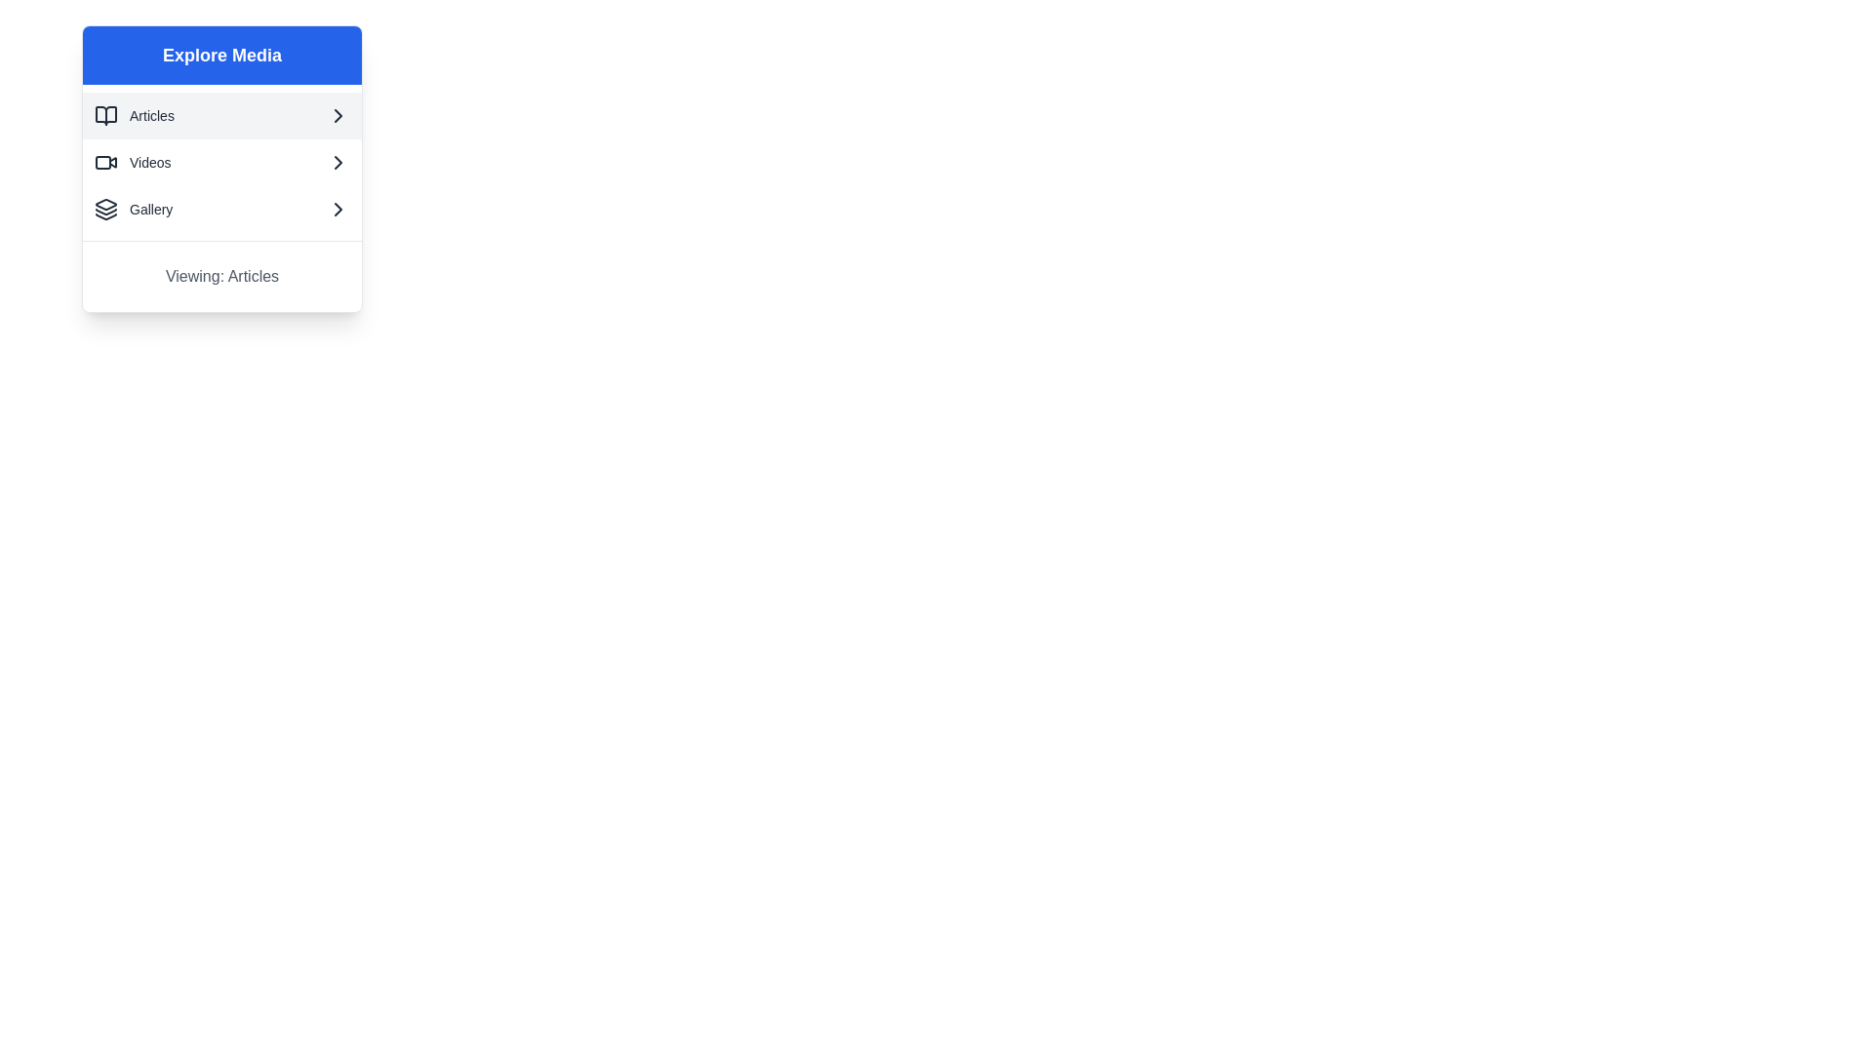 The image size is (1873, 1053). Describe the element at coordinates (338, 210) in the screenshot. I see `the right-pointing chevron icon in the 'Gallery' row of the vertical menu` at that location.